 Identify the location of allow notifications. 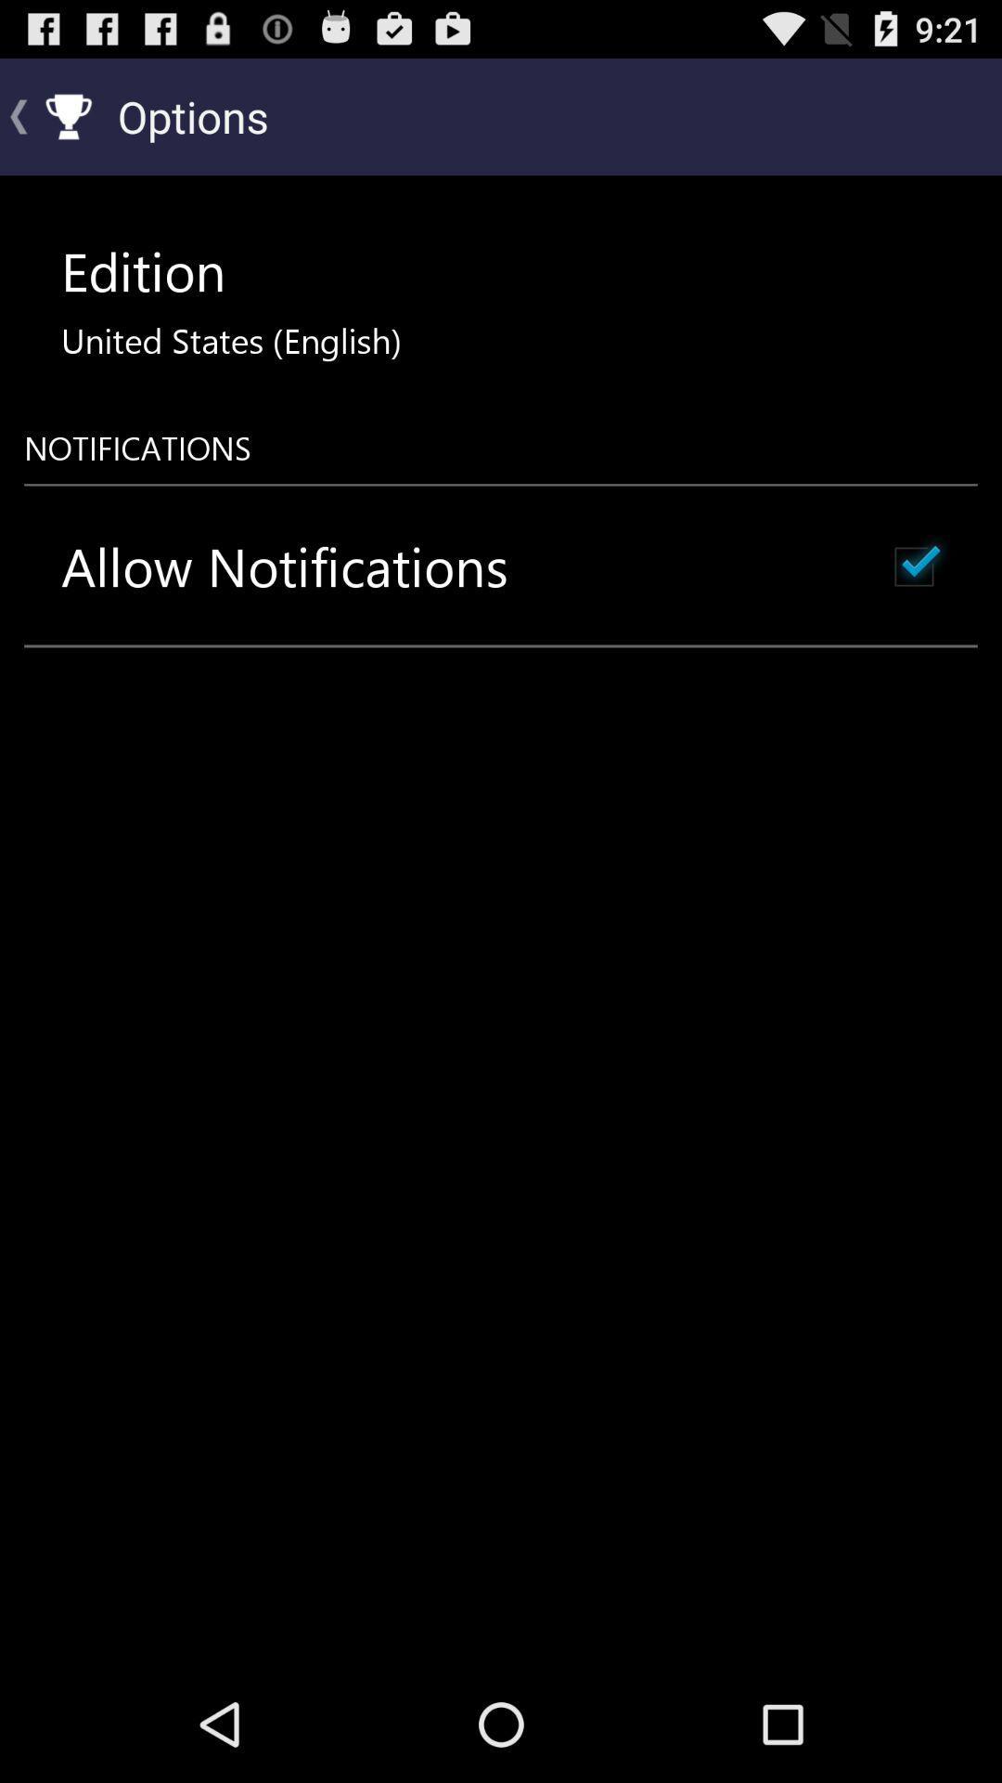
(285, 566).